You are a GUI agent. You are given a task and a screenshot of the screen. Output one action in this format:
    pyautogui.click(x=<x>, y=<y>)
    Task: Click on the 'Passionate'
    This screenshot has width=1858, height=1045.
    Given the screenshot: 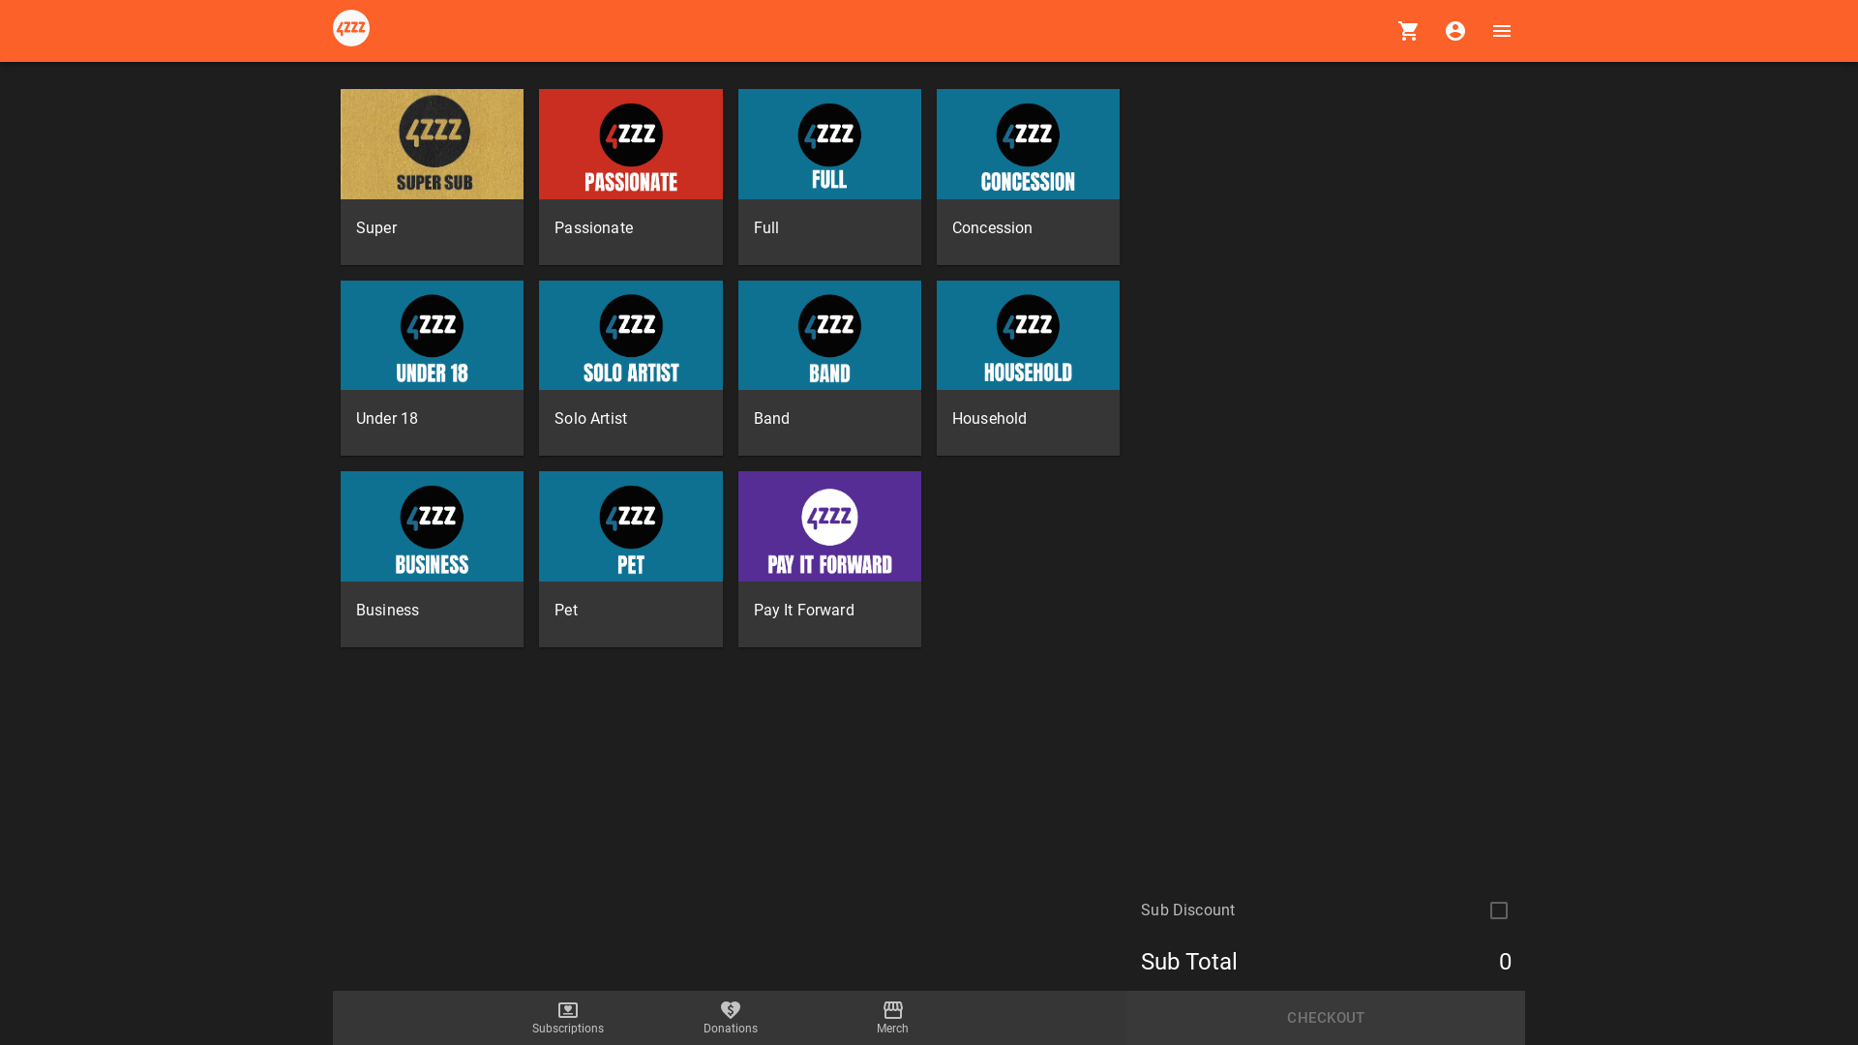 What is the action you would take?
    pyautogui.click(x=630, y=176)
    